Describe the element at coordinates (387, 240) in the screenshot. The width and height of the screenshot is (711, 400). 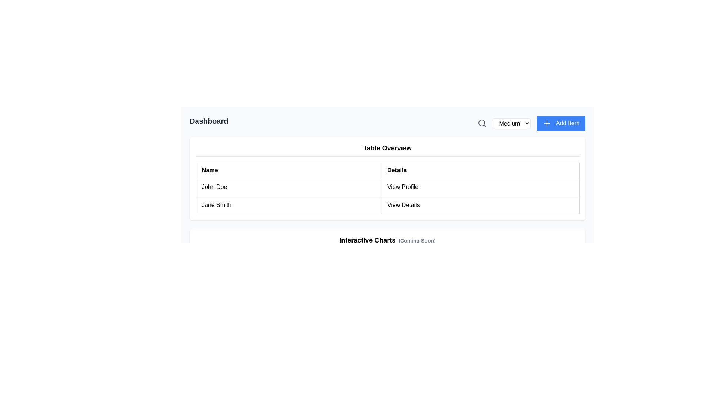
I see `the text label that serves as a title or placeholder for an upcoming feature, located at the bottom of the card within the interface` at that location.